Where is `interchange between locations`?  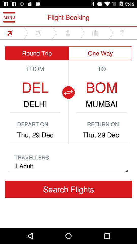
interchange between locations is located at coordinates (68, 92).